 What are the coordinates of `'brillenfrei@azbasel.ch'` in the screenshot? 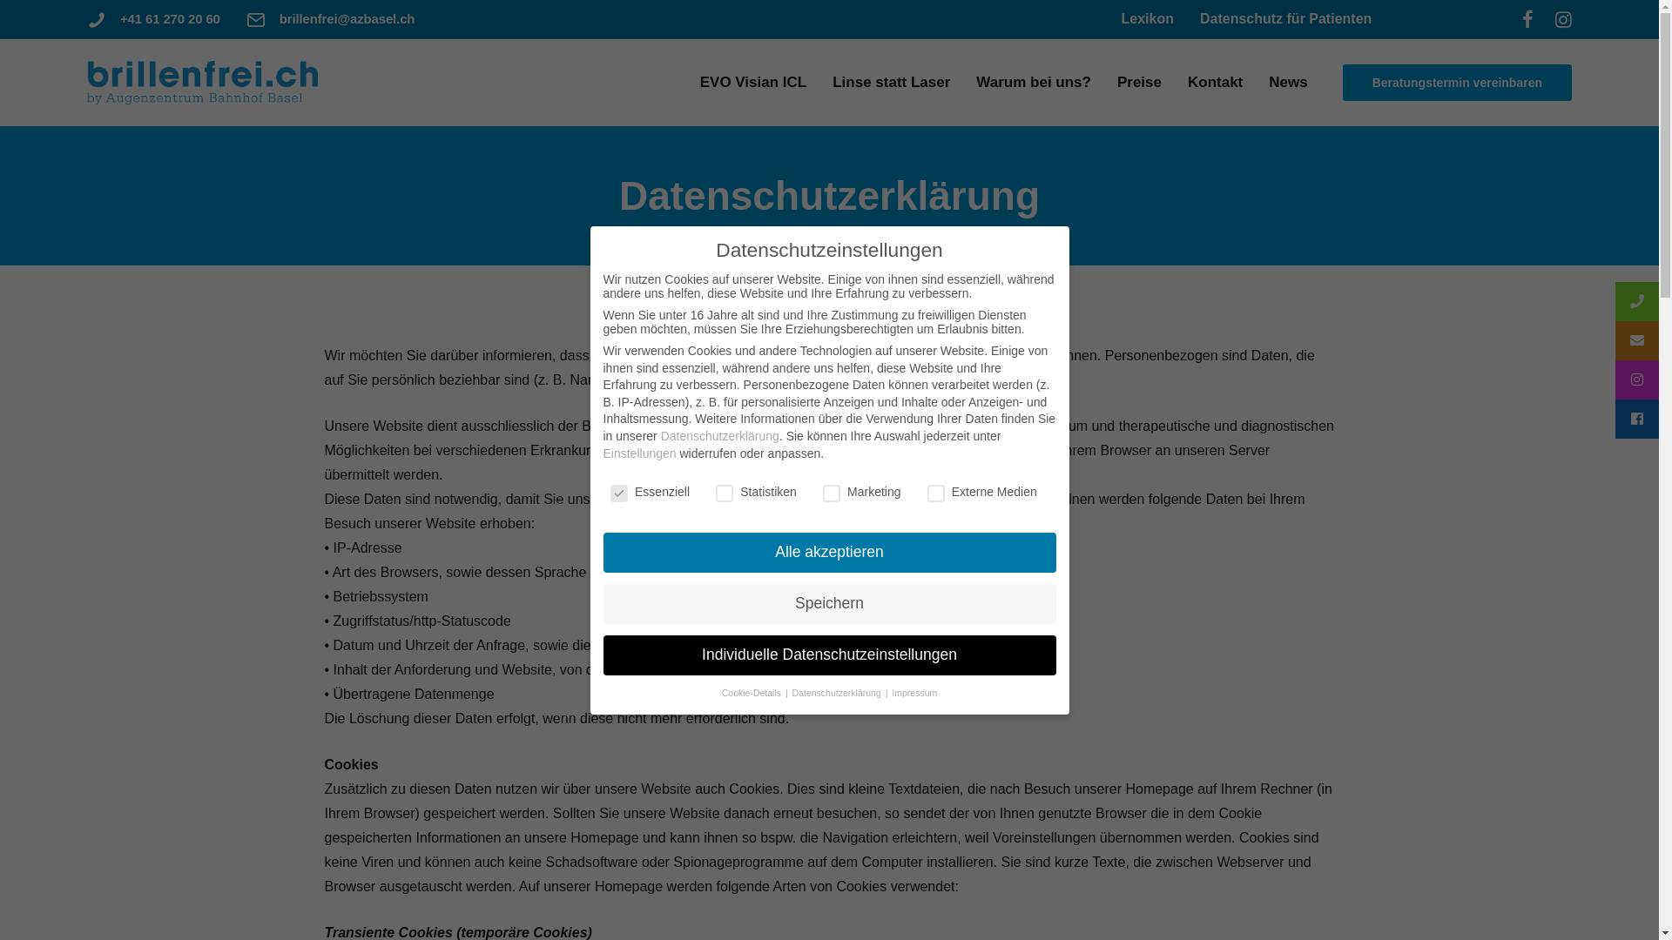 It's located at (347, 18).